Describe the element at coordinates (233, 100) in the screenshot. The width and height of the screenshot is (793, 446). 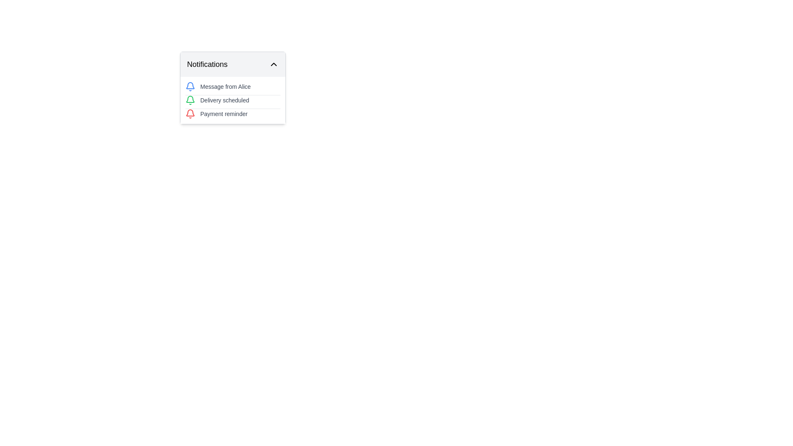
I see `notification text labeled 'Delivery scheduled.' which is the second item in the list of notifications, positioned below 'Message from Alice' and above 'Payment reminder.'` at that location.